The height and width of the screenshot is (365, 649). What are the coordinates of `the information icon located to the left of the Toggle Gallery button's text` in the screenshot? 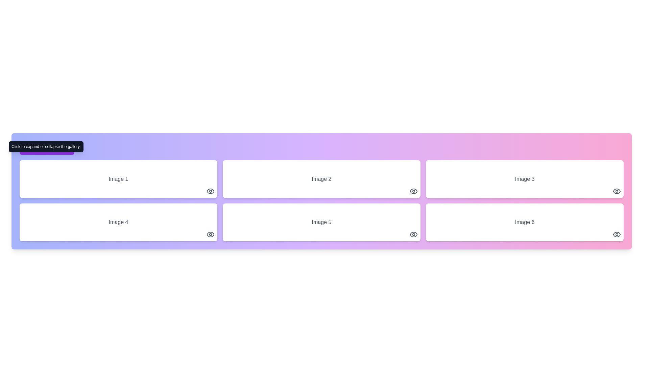 It's located at (28, 148).